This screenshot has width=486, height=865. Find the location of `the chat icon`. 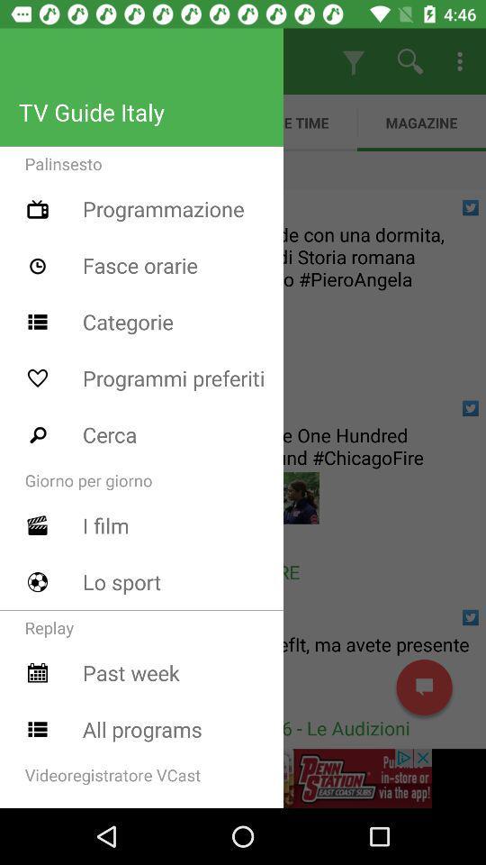

the chat icon is located at coordinates (424, 687).